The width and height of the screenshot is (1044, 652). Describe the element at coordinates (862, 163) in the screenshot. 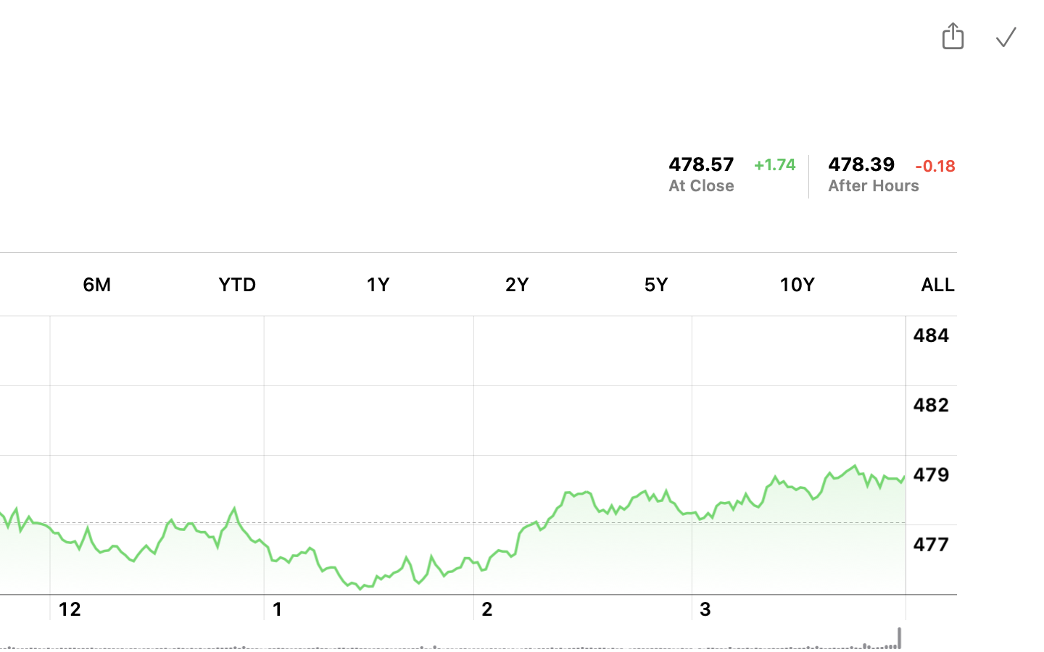

I see `'478.39, change, down 0.18 points'` at that location.